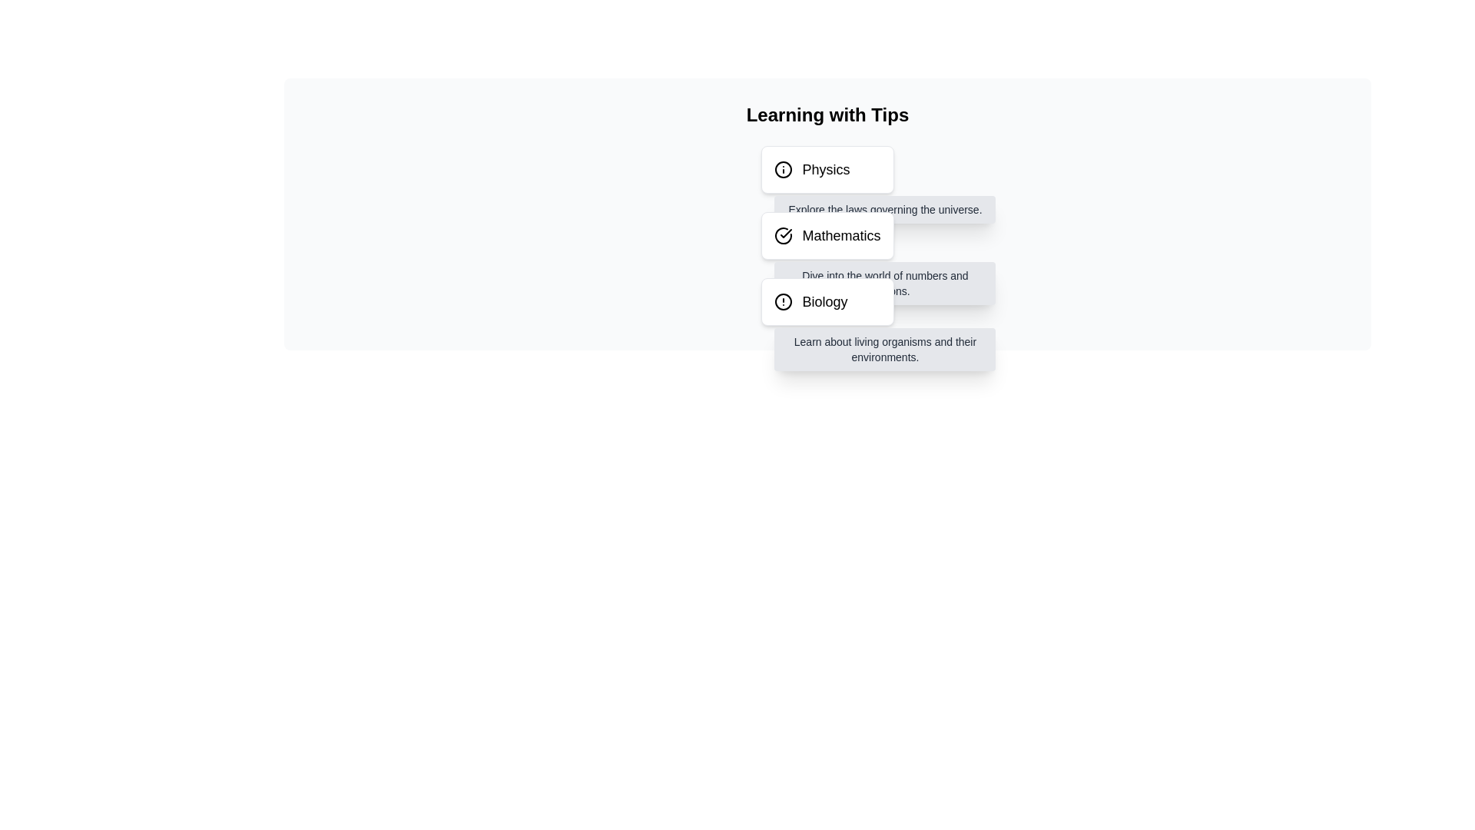  What do you see at coordinates (827, 115) in the screenshot?
I see `the large, bold header text displaying 'Learning with Tips', which is positioned at the top of the content section and serves as a header for the topics below` at bounding box center [827, 115].